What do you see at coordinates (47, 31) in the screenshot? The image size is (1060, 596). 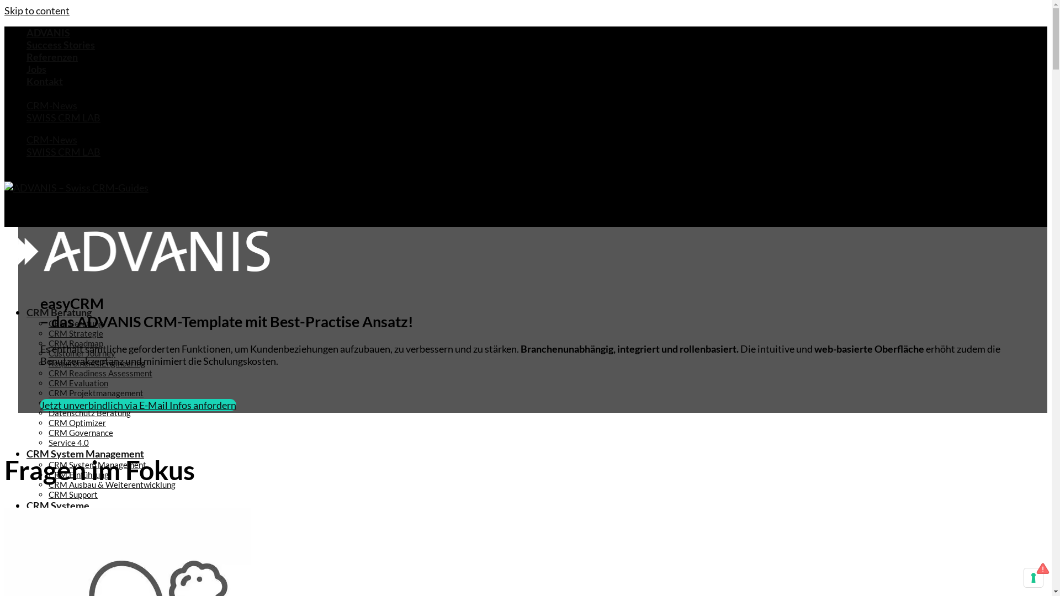 I see `'ADVANIS'` at bounding box center [47, 31].